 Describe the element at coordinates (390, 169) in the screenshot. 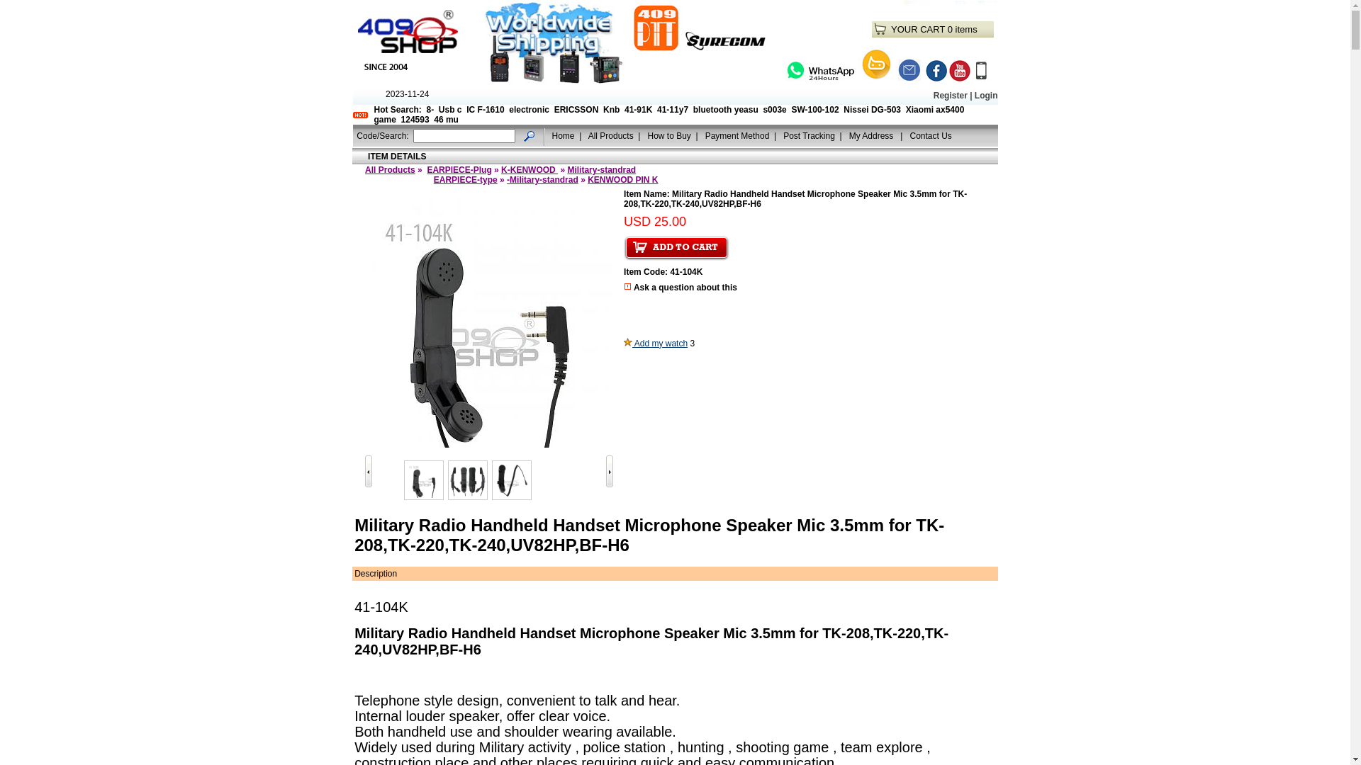

I see `'All Products'` at that location.